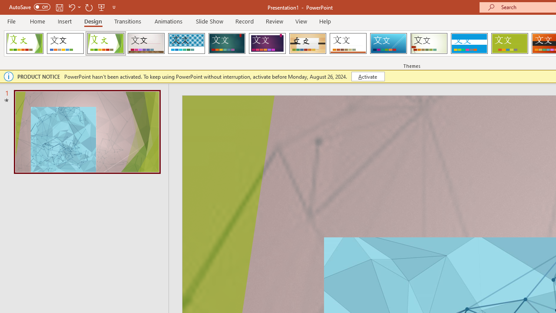 This screenshot has width=556, height=313. Describe the element at coordinates (227, 43) in the screenshot. I see `'Ion'` at that location.